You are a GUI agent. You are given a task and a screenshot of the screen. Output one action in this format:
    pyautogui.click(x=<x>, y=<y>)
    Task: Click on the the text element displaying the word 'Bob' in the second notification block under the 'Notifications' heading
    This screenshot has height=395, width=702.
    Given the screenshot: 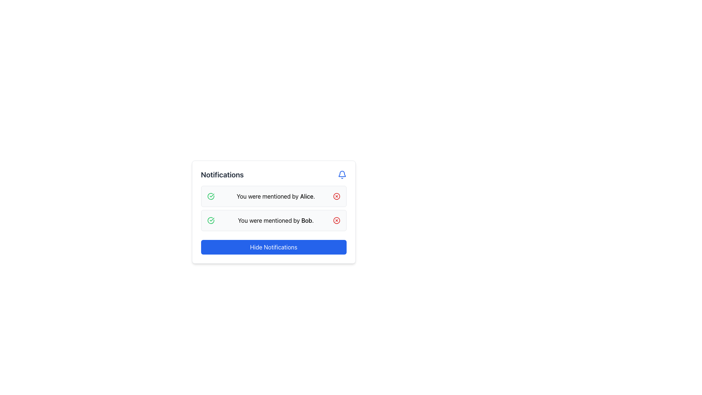 What is the action you would take?
    pyautogui.click(x=307, y=220)
    